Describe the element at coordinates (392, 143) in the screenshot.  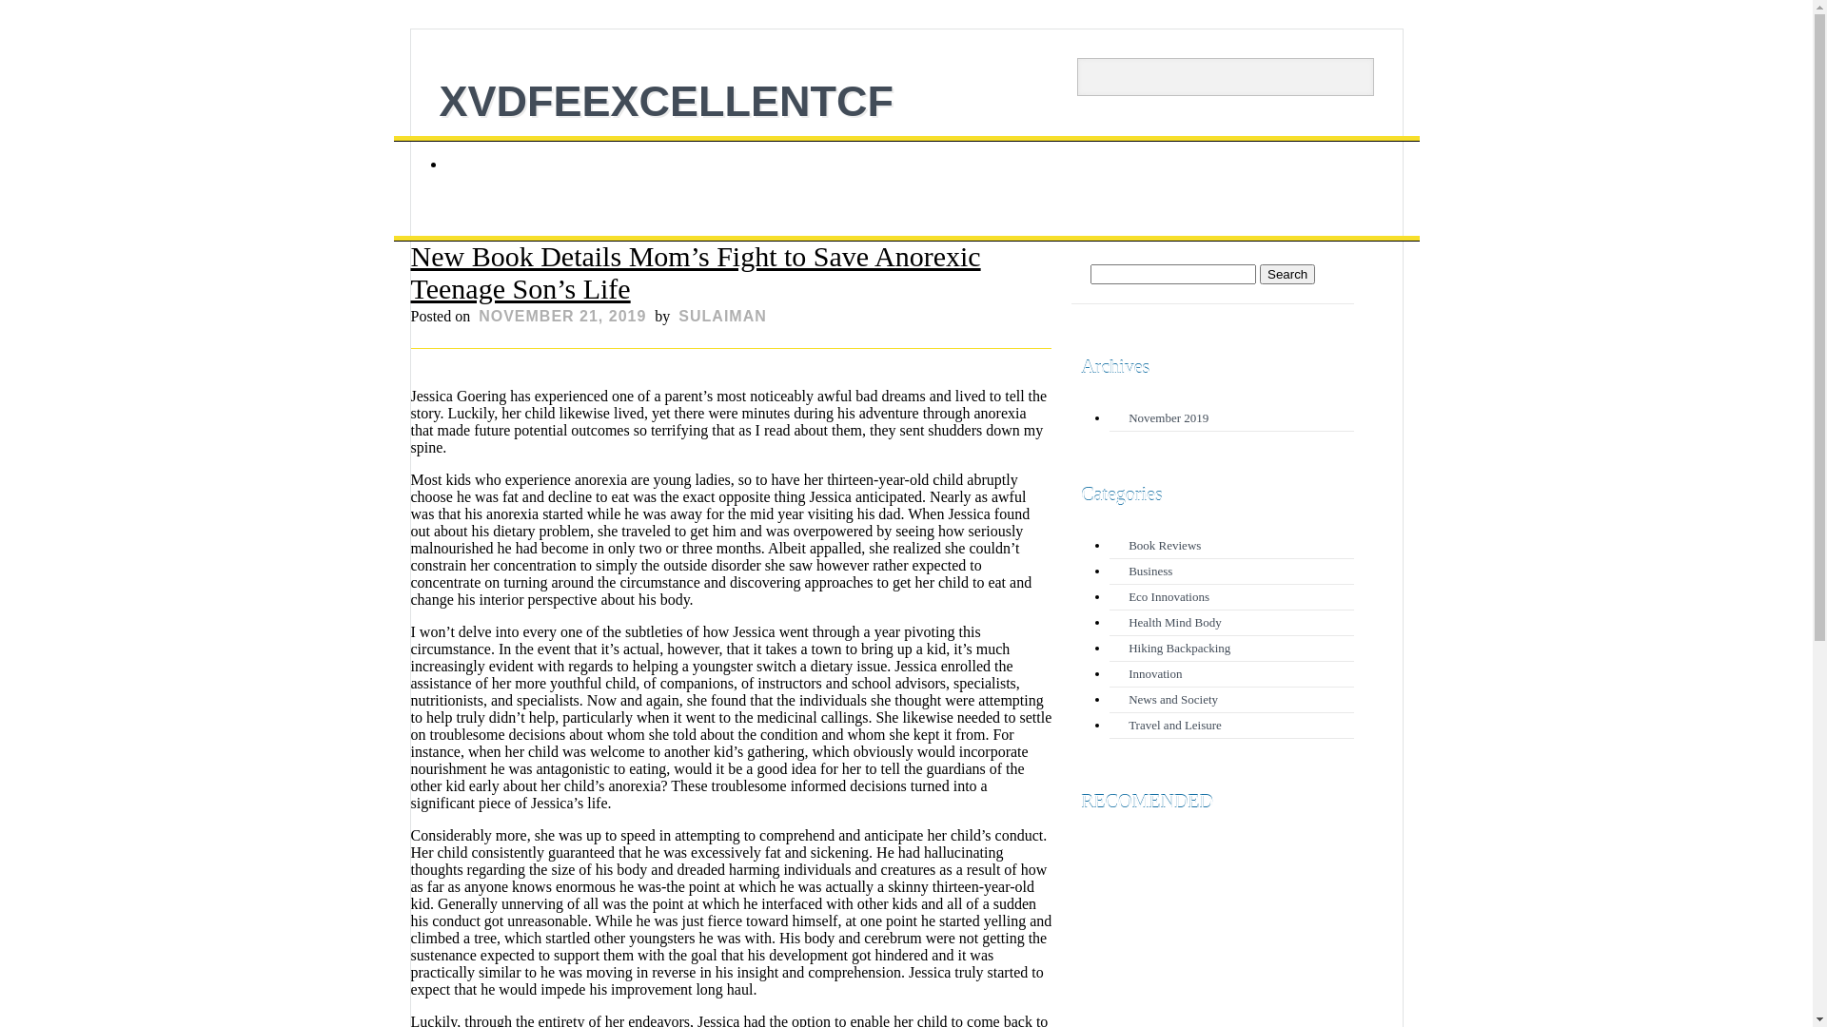
I see `'Skip to content'` at that location.